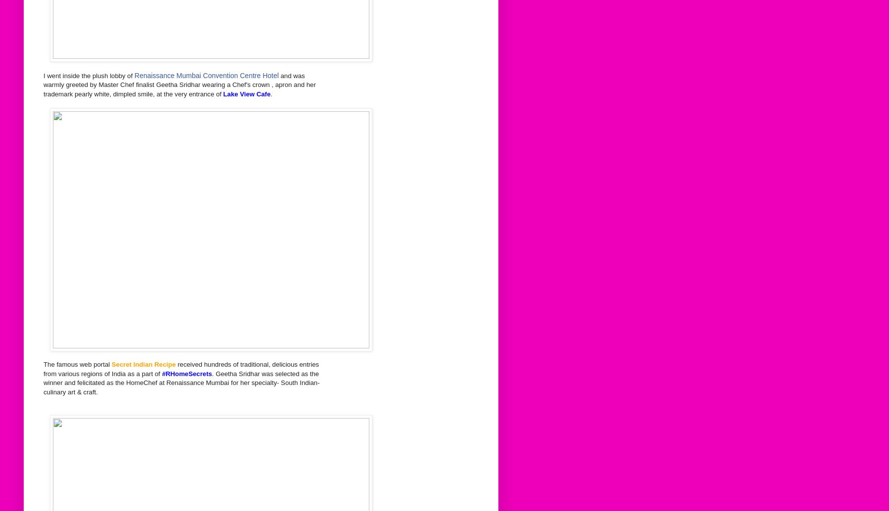  What do you see at coordinates (180, 369) in the screenshot?
I see `'received hundreds of traditional, delicious entries from various regions of India as a part of'` at bounding box center [180, 369].